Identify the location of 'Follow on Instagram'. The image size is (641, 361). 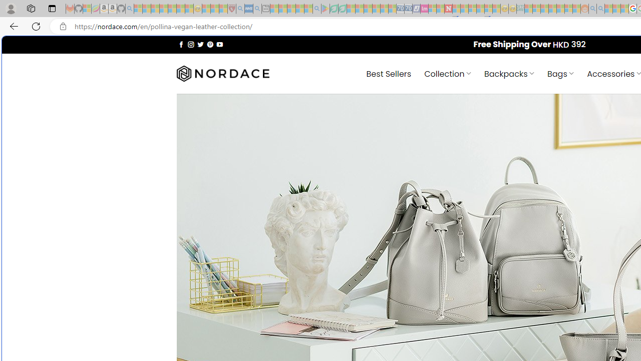
(191, 44).